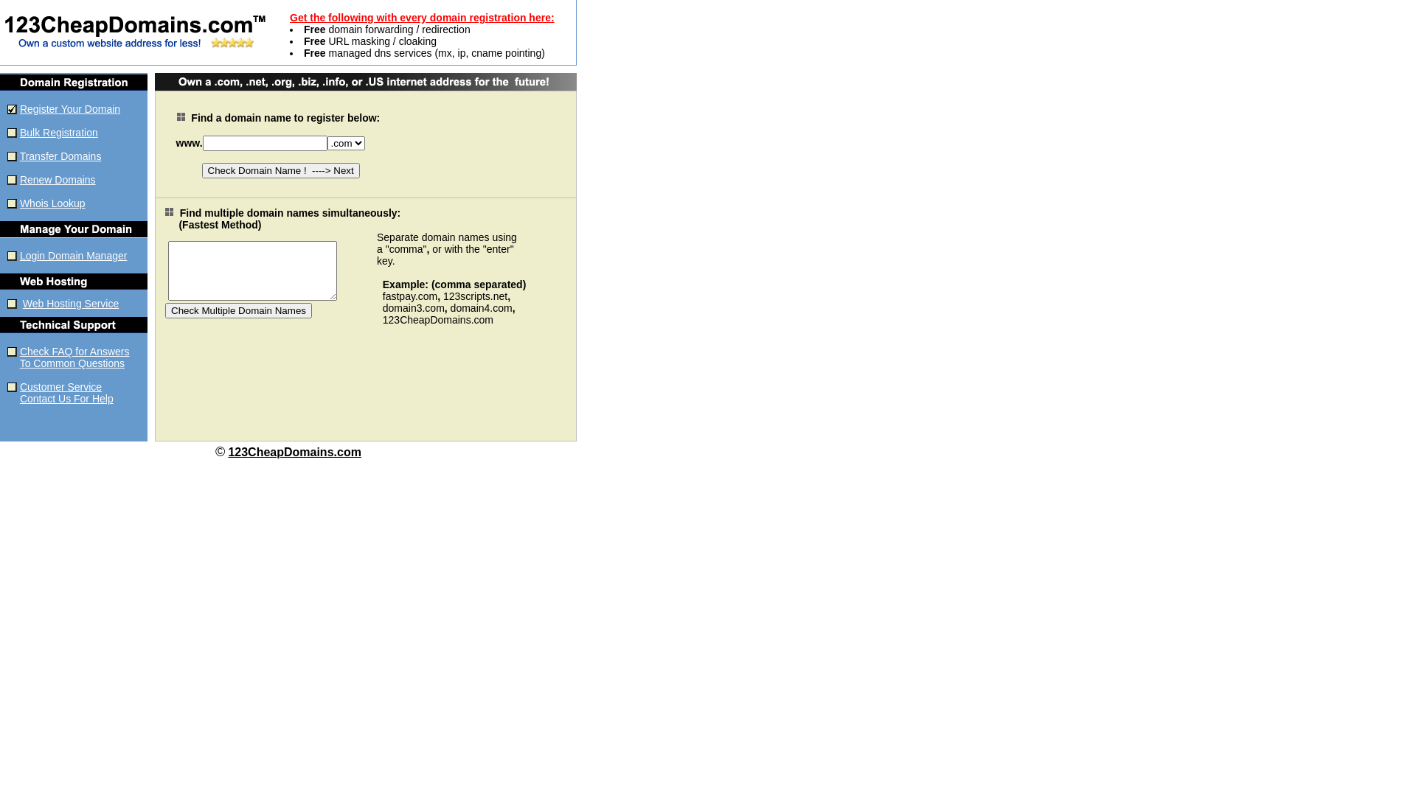  What do you see at coordinates (20, 108) in the screenshot?
I see `'Register Your Domain'` at bounding box center [20, 108].